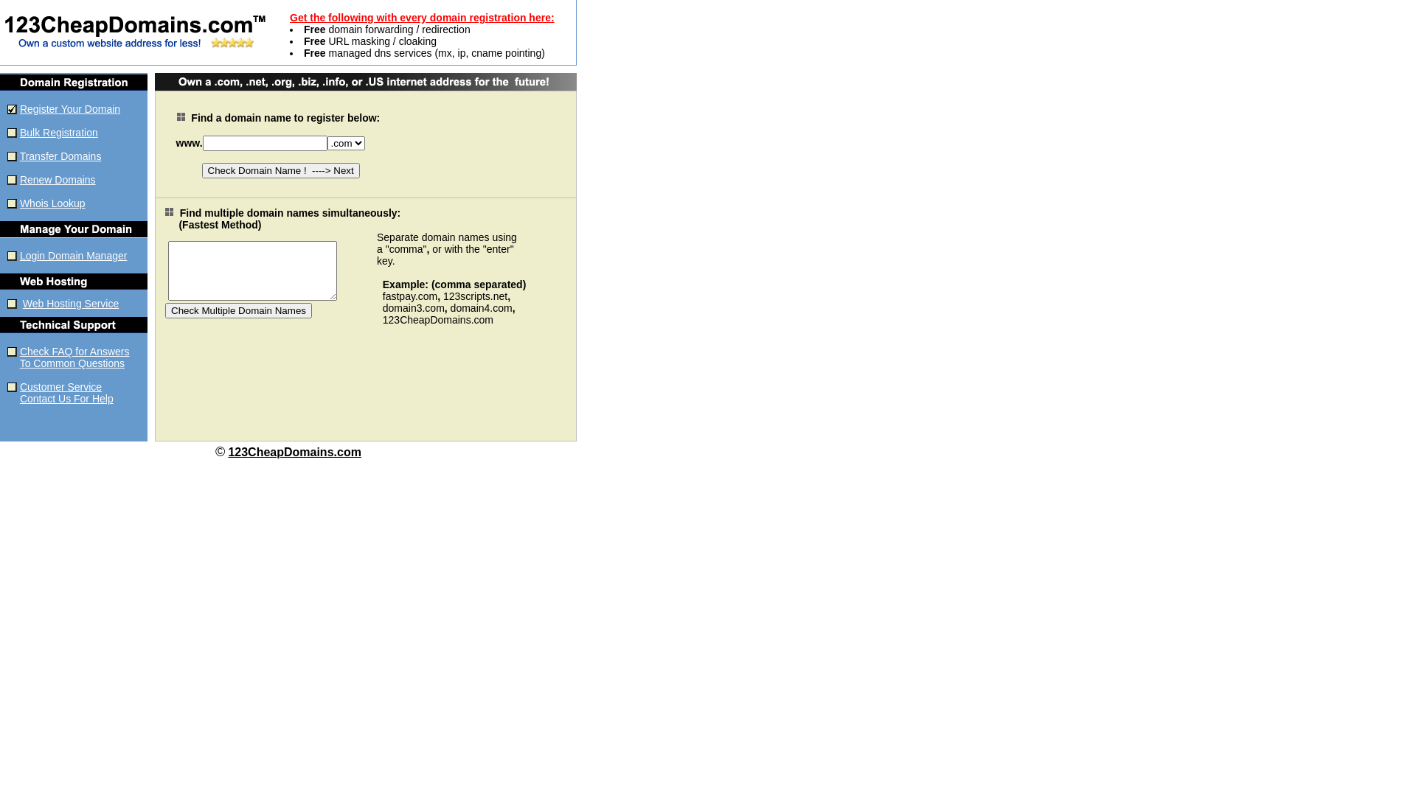  What do you see at coordinates (20, 108) in the screenshot?
I see `'Register Your Domain'` at bounding box center [20, 108].